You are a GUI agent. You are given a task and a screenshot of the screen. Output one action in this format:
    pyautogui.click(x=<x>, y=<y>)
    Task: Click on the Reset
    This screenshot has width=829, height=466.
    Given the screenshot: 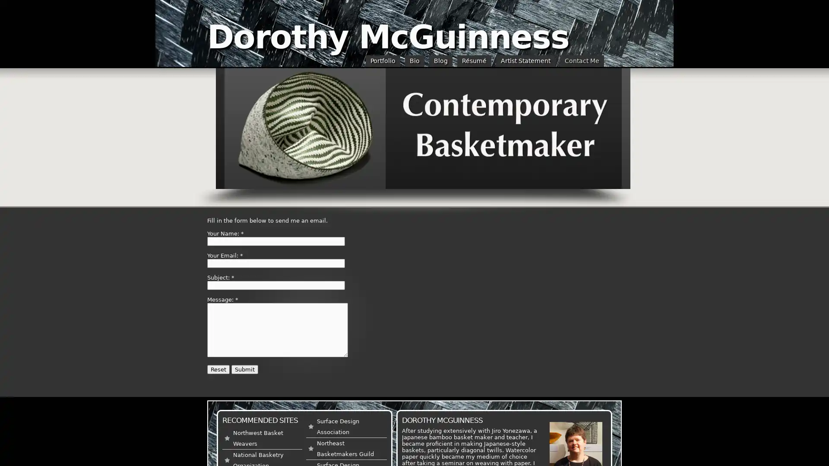 What is the action you would take?
    pyautogui.click(x=218, y=369)
    